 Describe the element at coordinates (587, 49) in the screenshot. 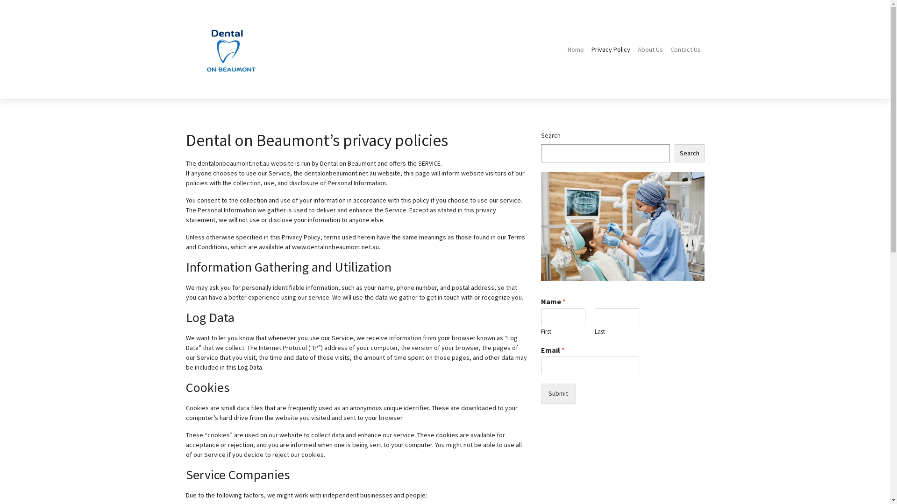

I see `'Privacy Policy'` at that location.